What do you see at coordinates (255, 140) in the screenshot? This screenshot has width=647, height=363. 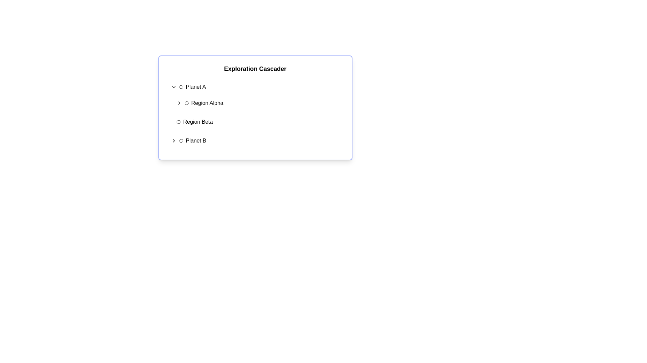 I see `the selectable option item representing 'Planet B' in the 'Exploration Cascader'` at bounding box center [255, 140].